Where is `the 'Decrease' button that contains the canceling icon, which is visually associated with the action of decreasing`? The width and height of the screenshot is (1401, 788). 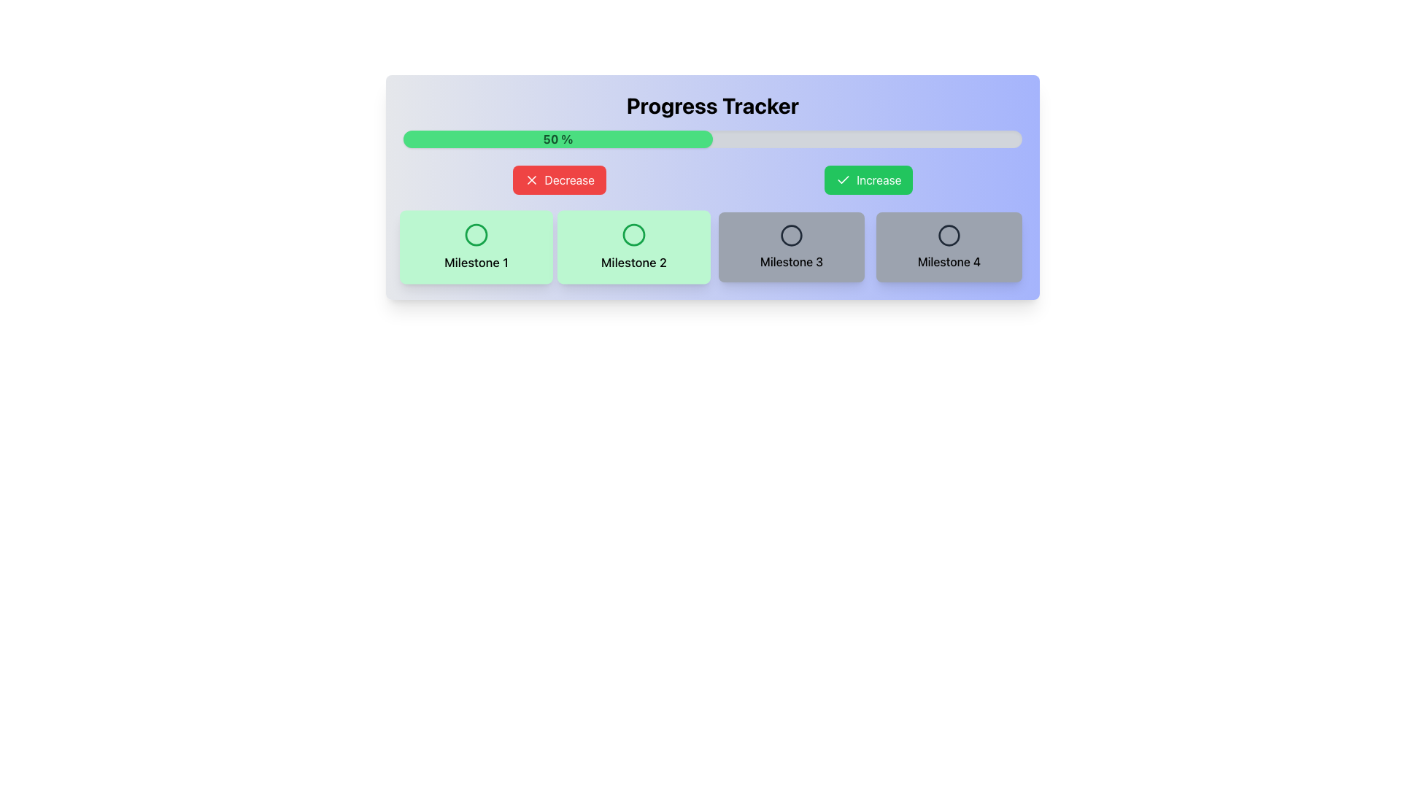 the 'Decrease' button that contains the canceling icon, which is visually associated with the action of decreasing is located at coordinates (530, 179).